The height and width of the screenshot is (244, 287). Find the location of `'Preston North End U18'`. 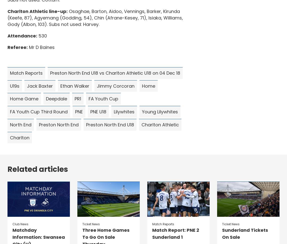

'Preston North End U18' is located at coordinates (110, 124).